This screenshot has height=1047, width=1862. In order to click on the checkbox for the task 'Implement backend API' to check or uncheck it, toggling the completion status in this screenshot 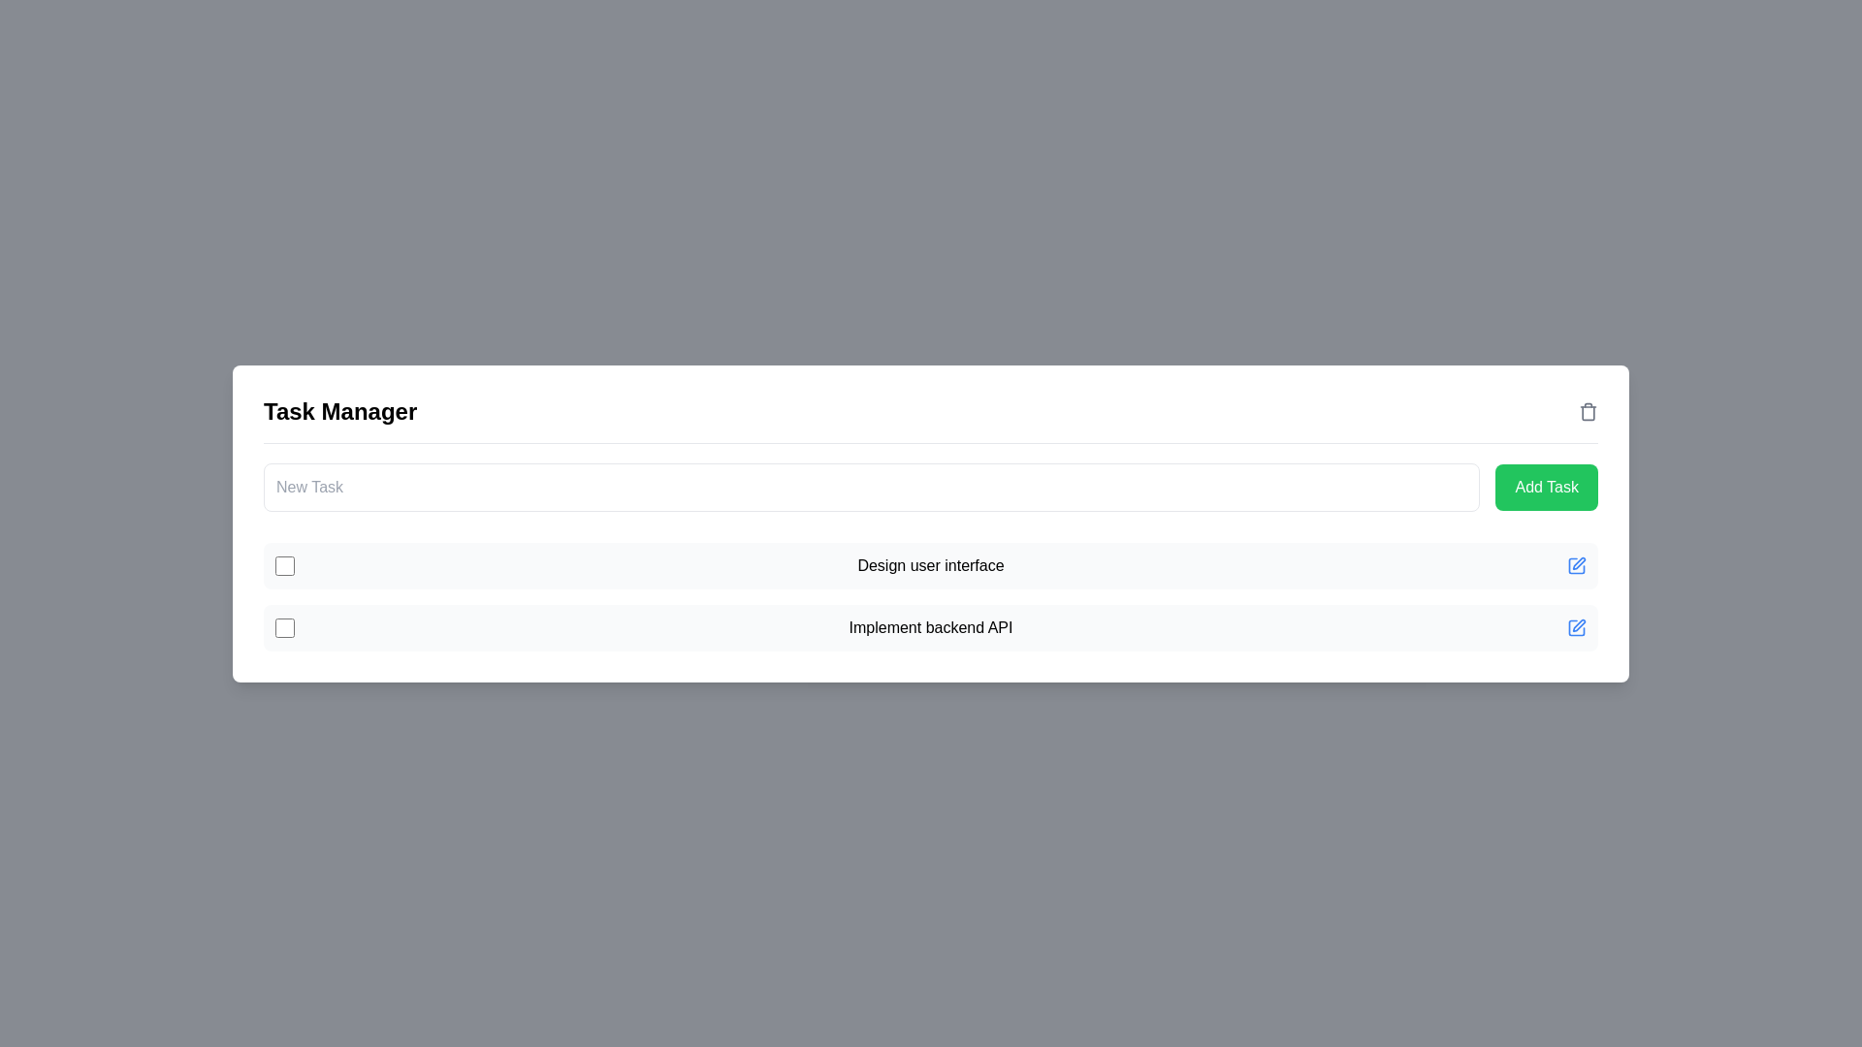, I will do `click(283, 627)`.